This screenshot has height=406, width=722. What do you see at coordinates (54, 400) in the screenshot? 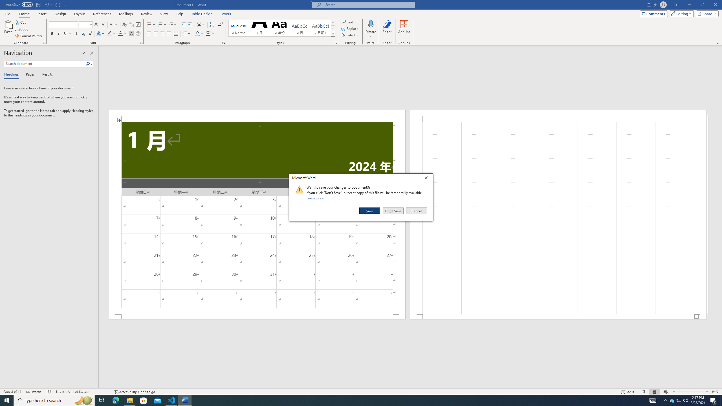
I see `'Type here to search'` at bounding box center [54, 400].